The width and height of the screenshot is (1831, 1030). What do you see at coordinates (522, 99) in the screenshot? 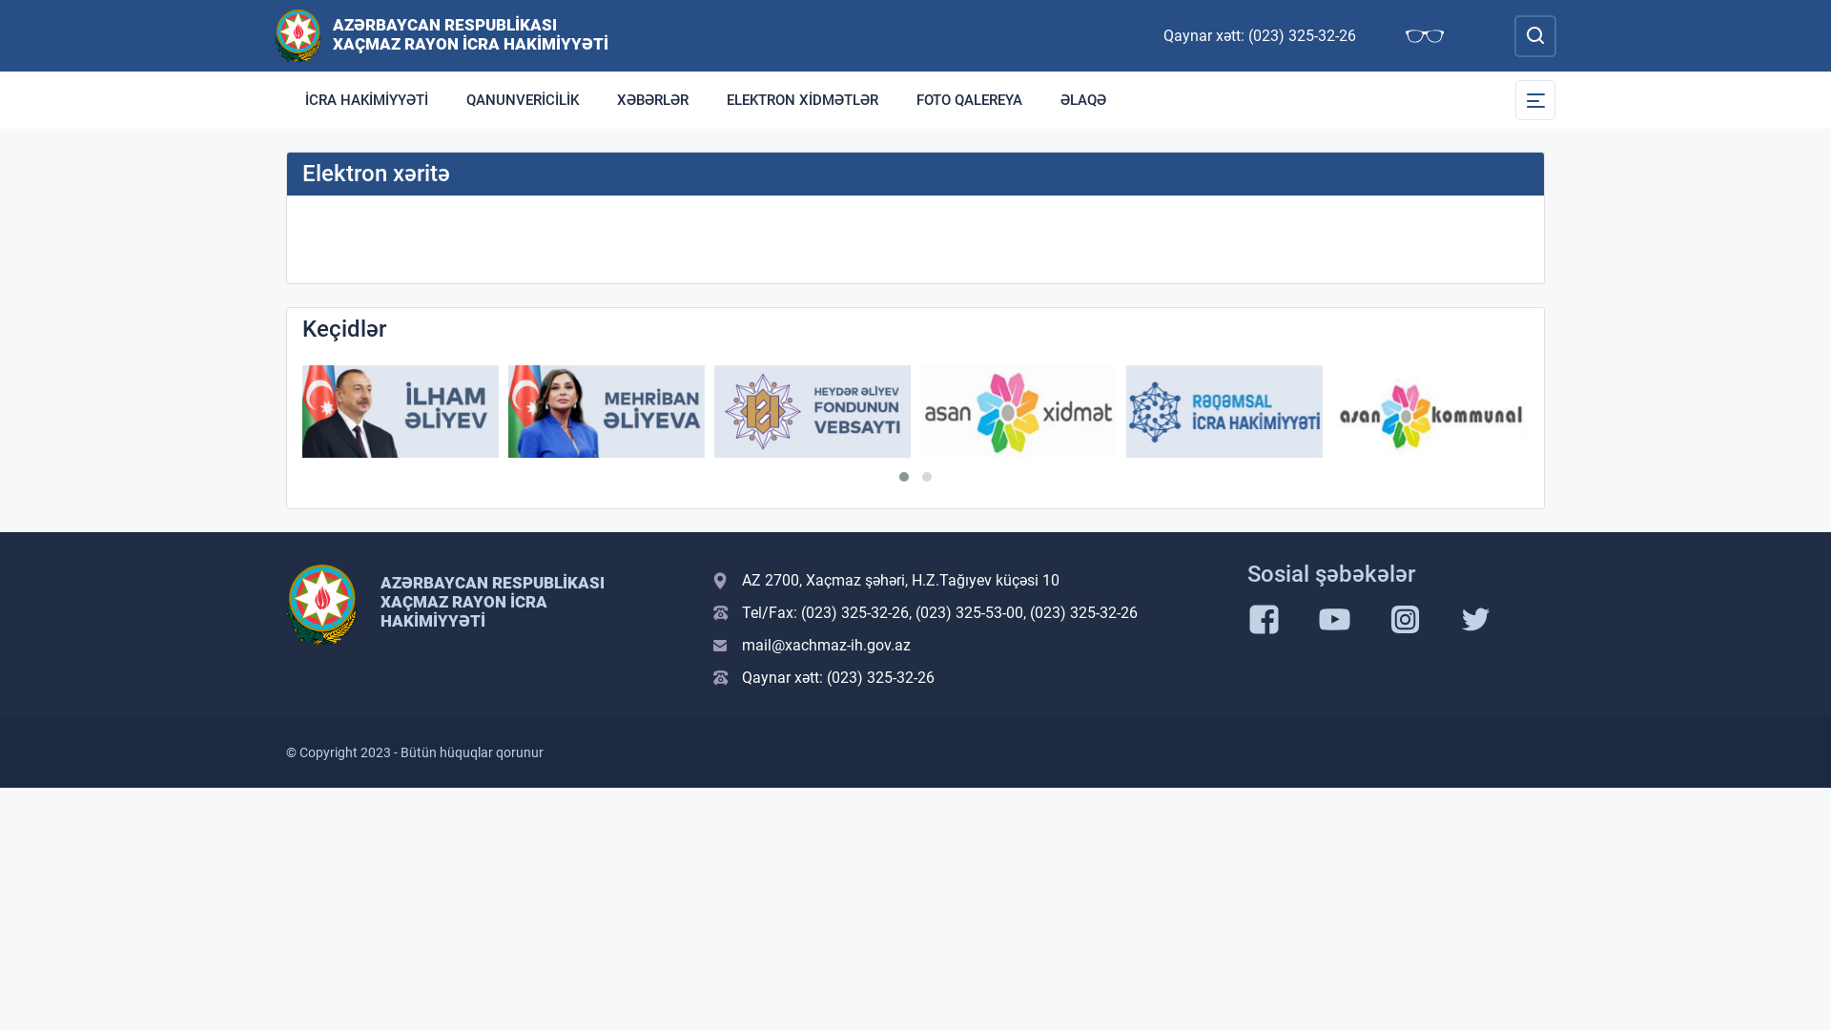
I see `'QANUNVERICILIK'` at bounding box center [522, 99].